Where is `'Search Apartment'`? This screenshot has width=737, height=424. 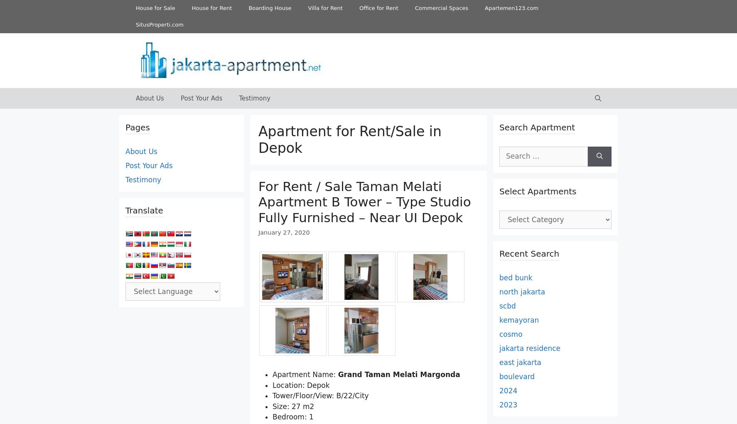 'Search Apartment' is located at coordinates (537, 127).